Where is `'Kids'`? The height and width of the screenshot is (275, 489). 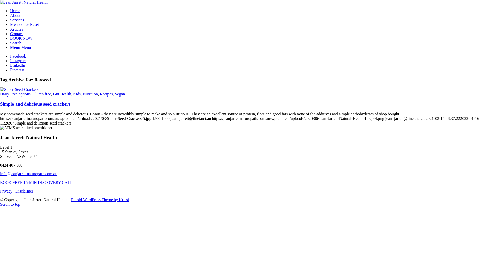 'Kids' is located at coordinates (77, 94).